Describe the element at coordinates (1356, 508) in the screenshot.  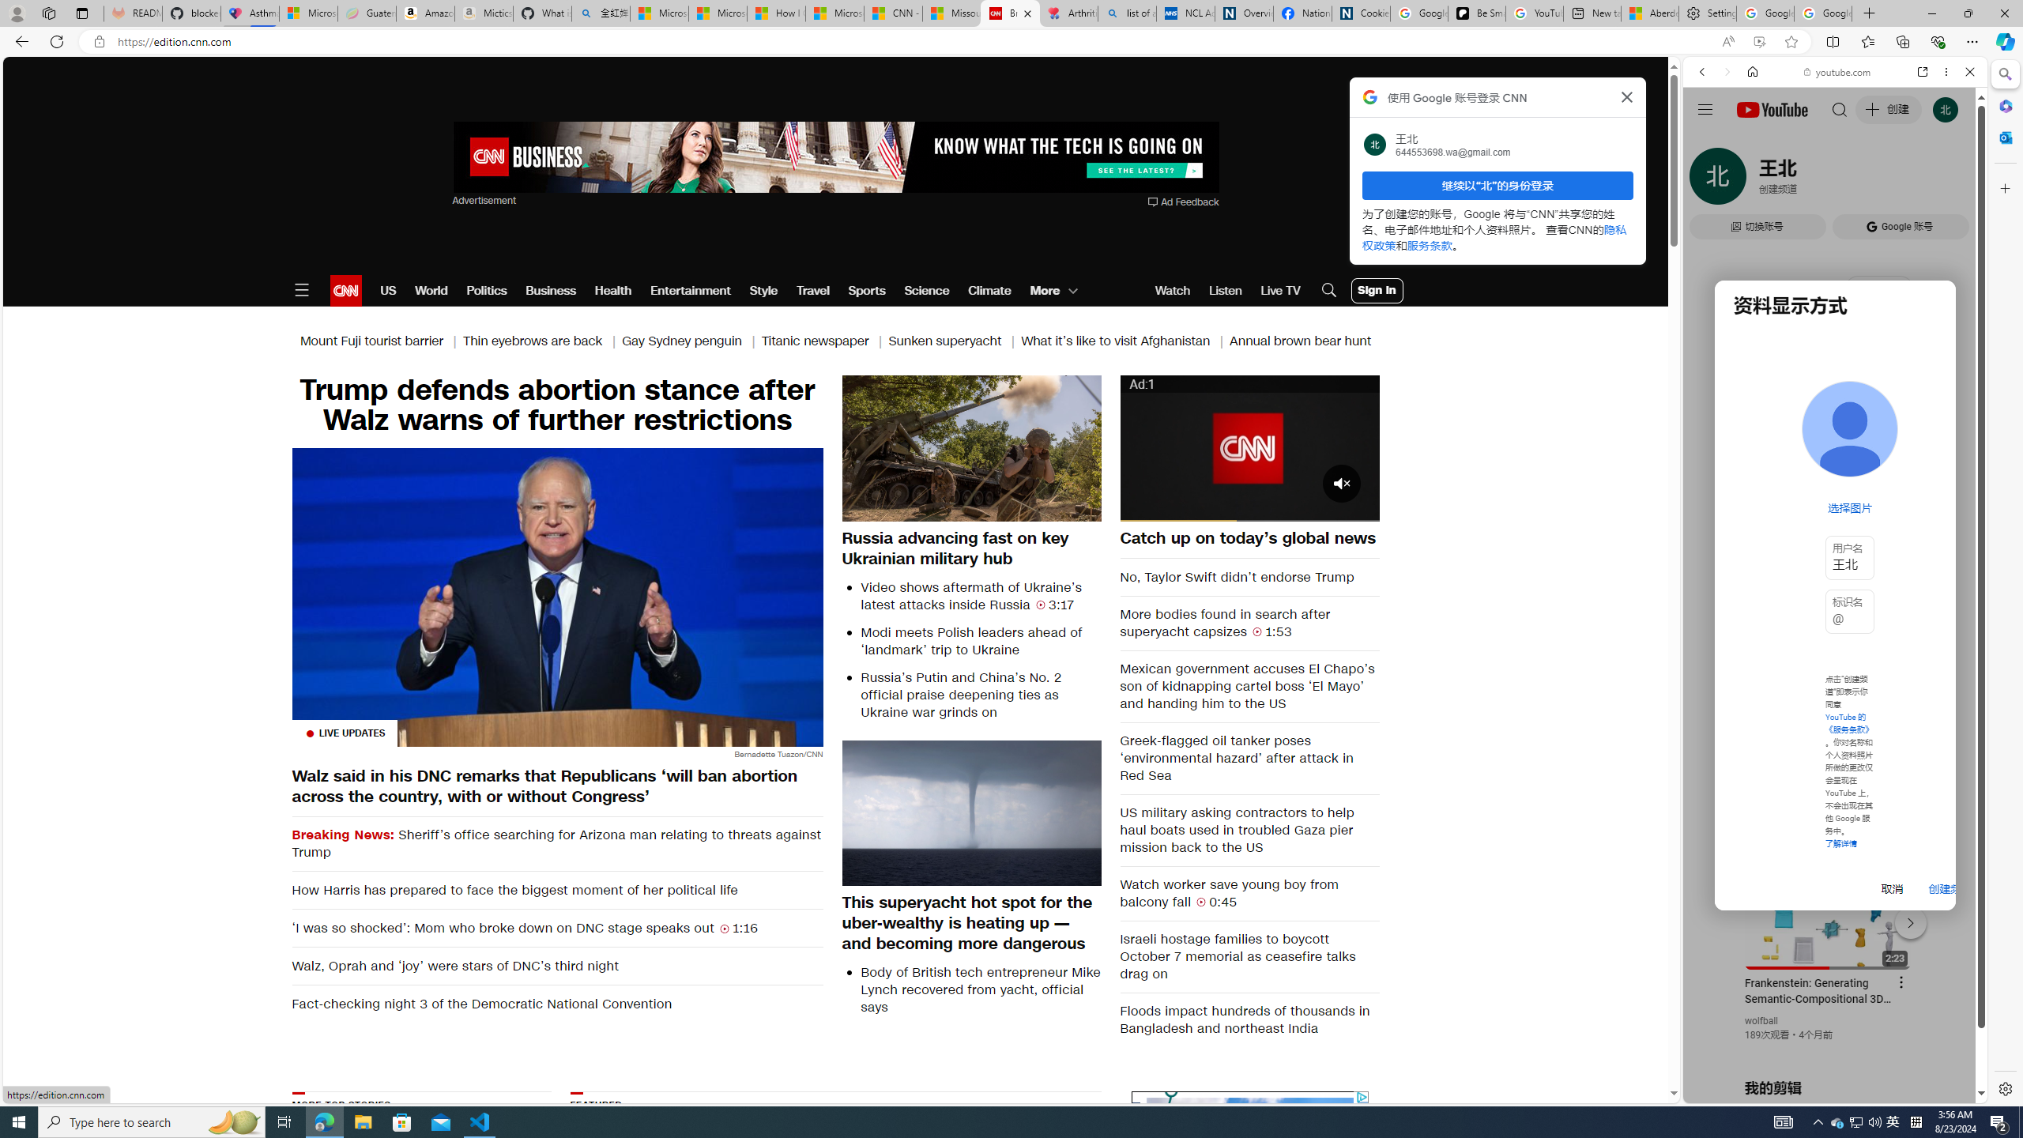
I see `'Fullscreen'` at that location.